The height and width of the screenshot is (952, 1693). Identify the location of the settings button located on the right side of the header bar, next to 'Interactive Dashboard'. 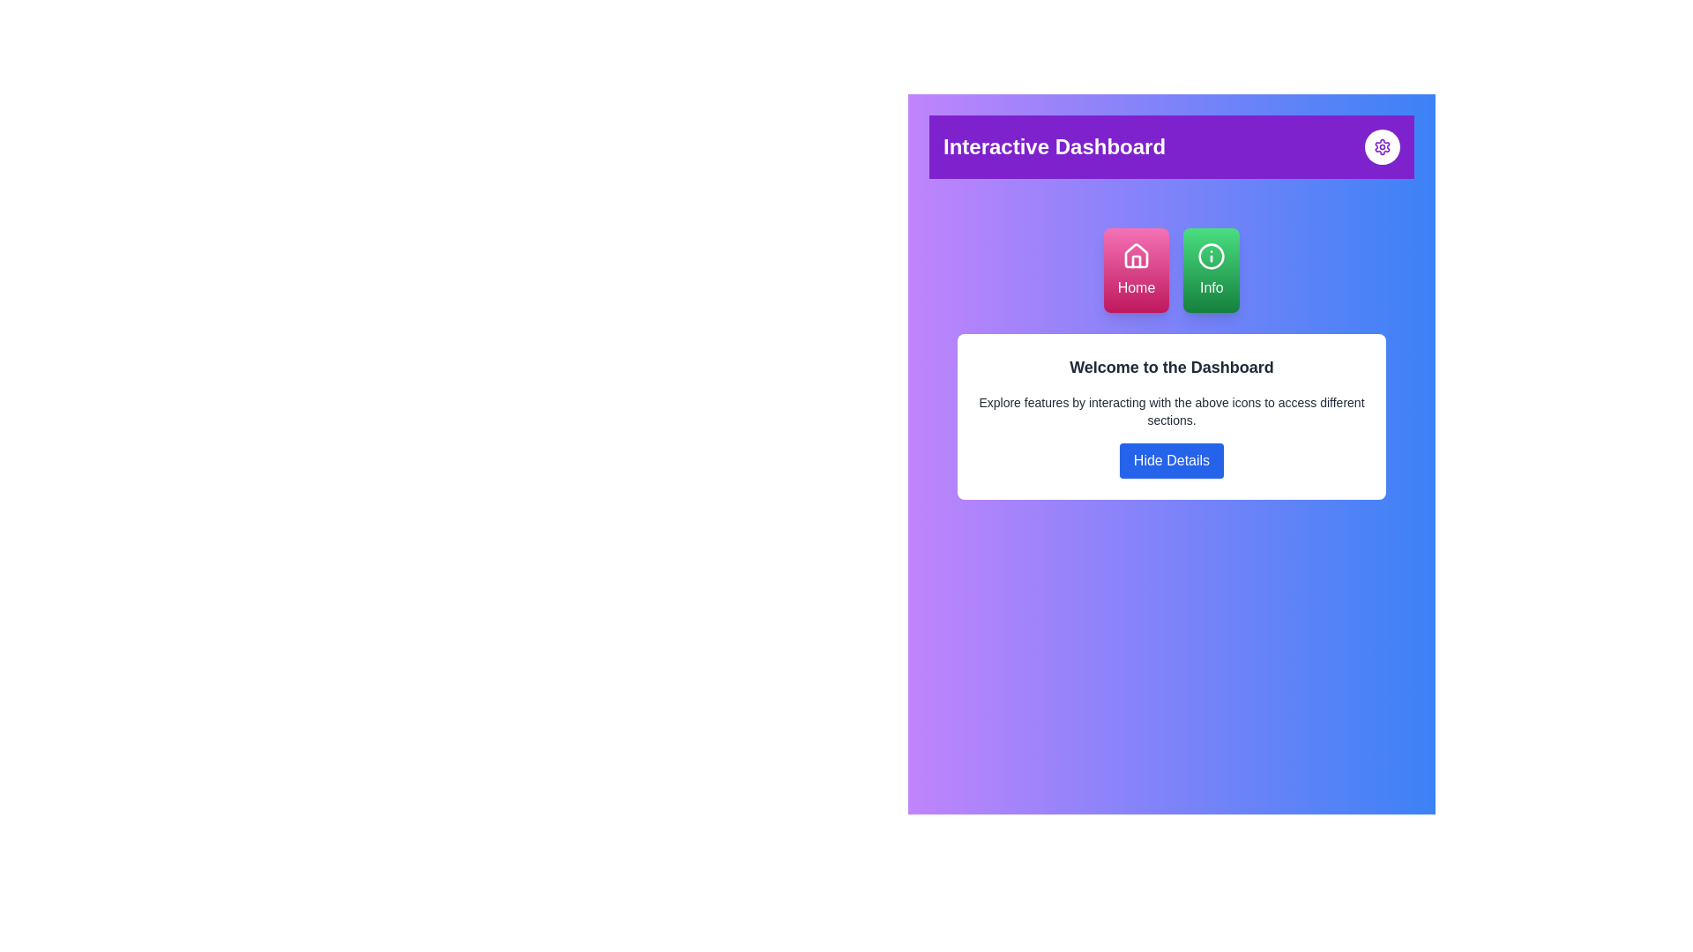
(1382, 145).